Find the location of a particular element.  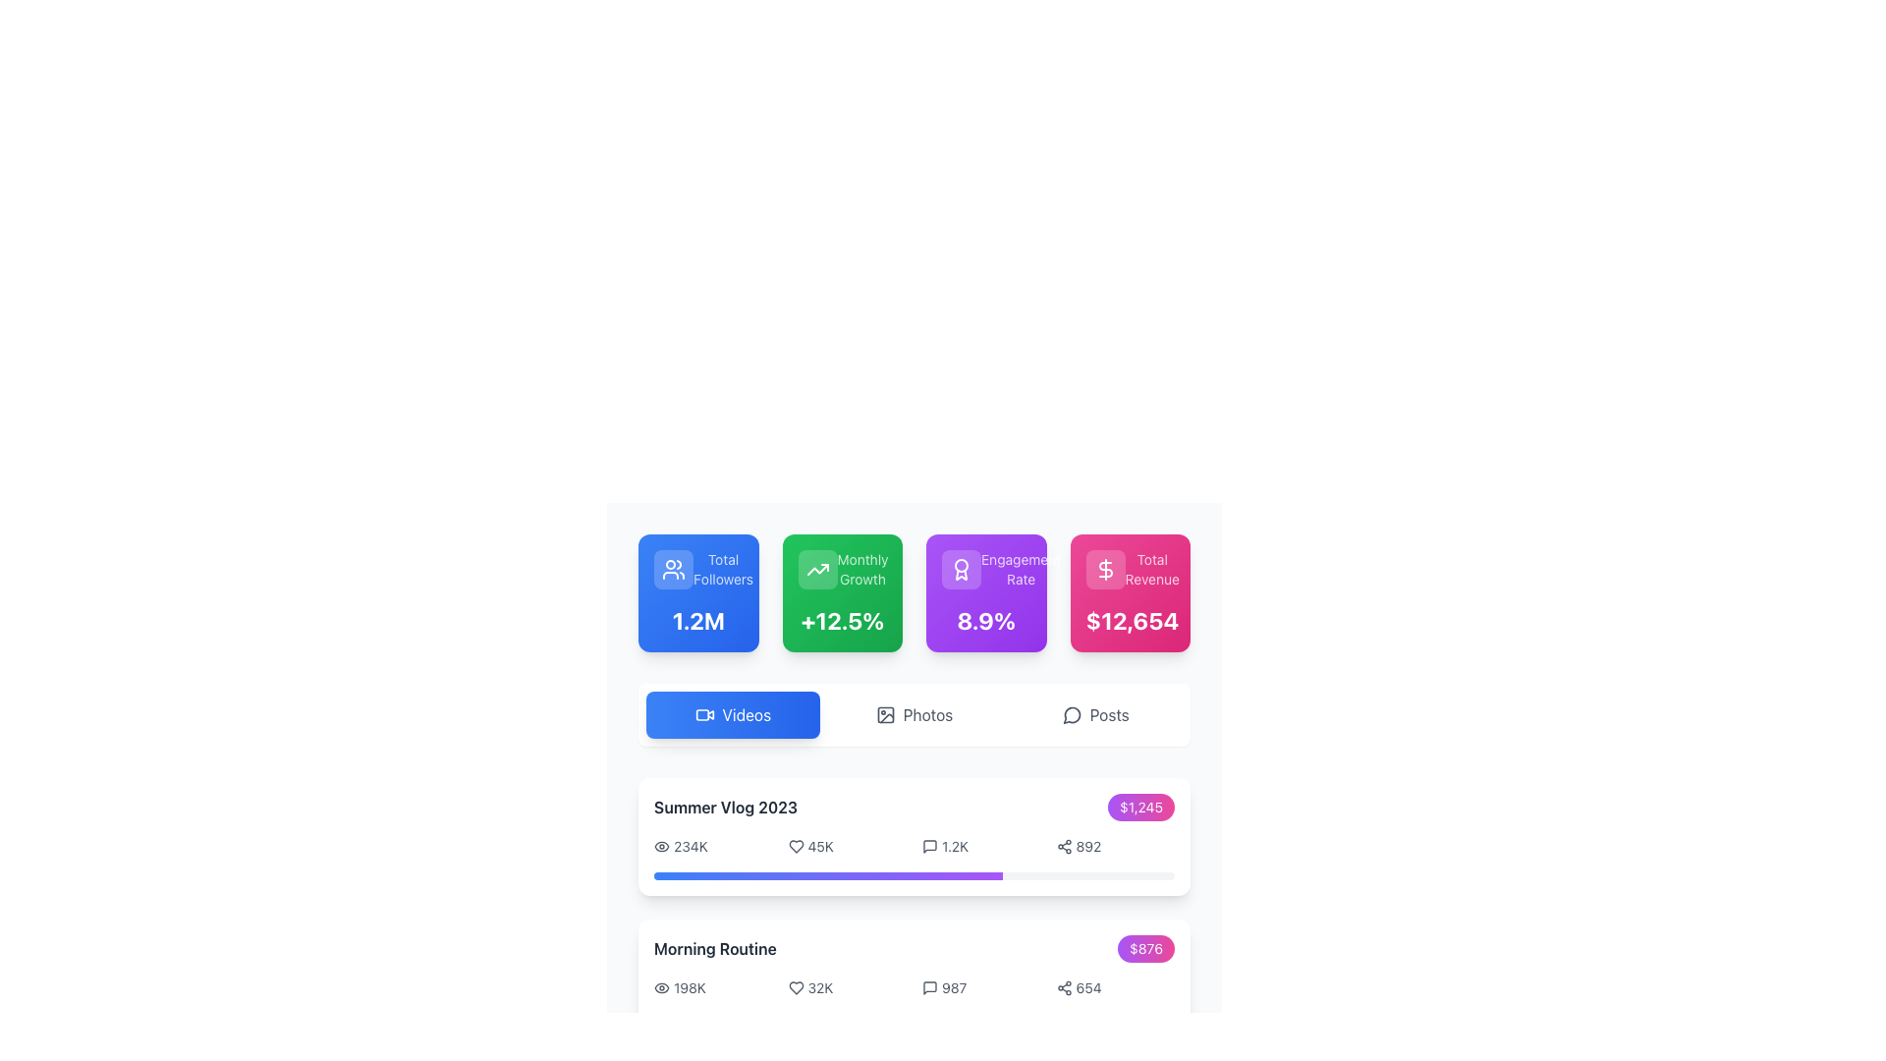

the Share Button Icon located to the left of the numeric label '654' in the bottom right area of the 'Morning Routine' card is located at coordinates (1063, 988).